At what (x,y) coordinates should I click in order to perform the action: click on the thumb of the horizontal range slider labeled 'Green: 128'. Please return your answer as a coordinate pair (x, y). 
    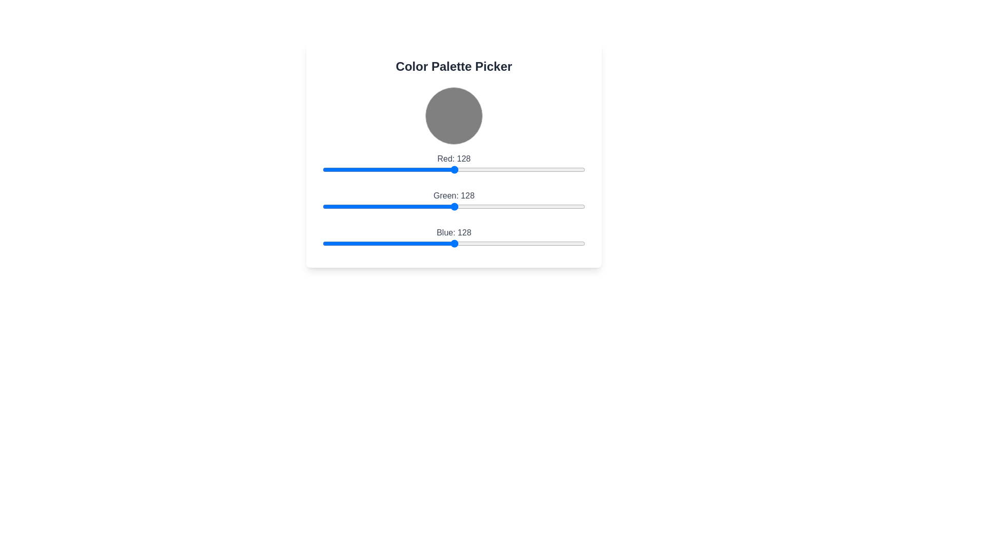
    Looking at the image, I should click on (453, 202).